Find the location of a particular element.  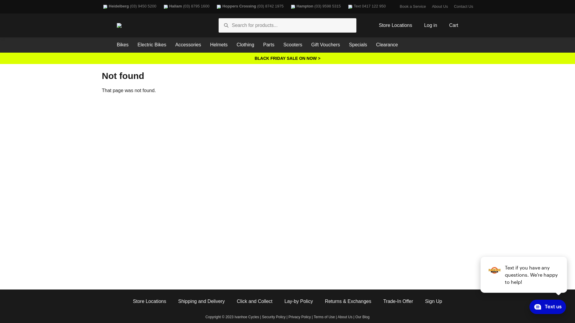

'Our Blog' is located at coordinates (362, 317).